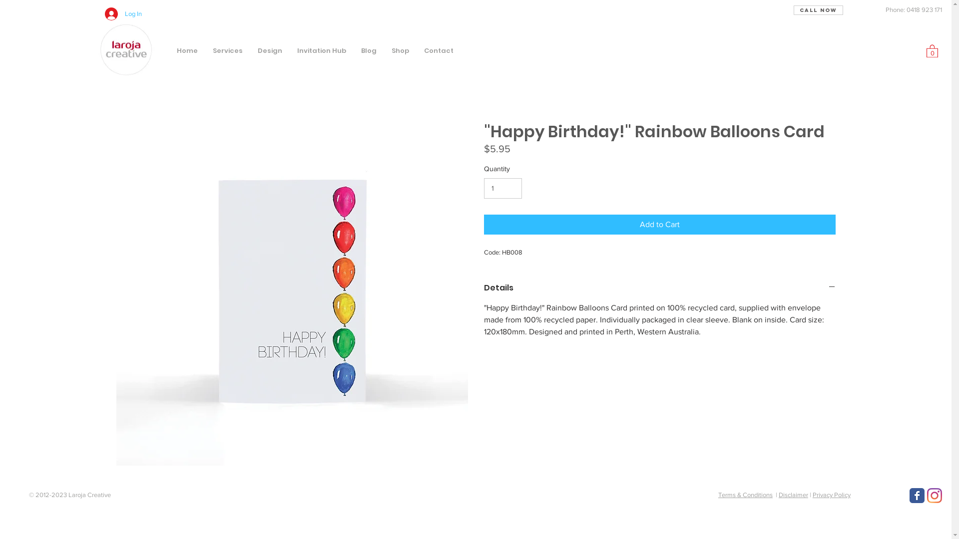 Image resolution: width=959 pixels, height=539 pixels. I want to click on 'Invitation Hub', so click(289, 50).